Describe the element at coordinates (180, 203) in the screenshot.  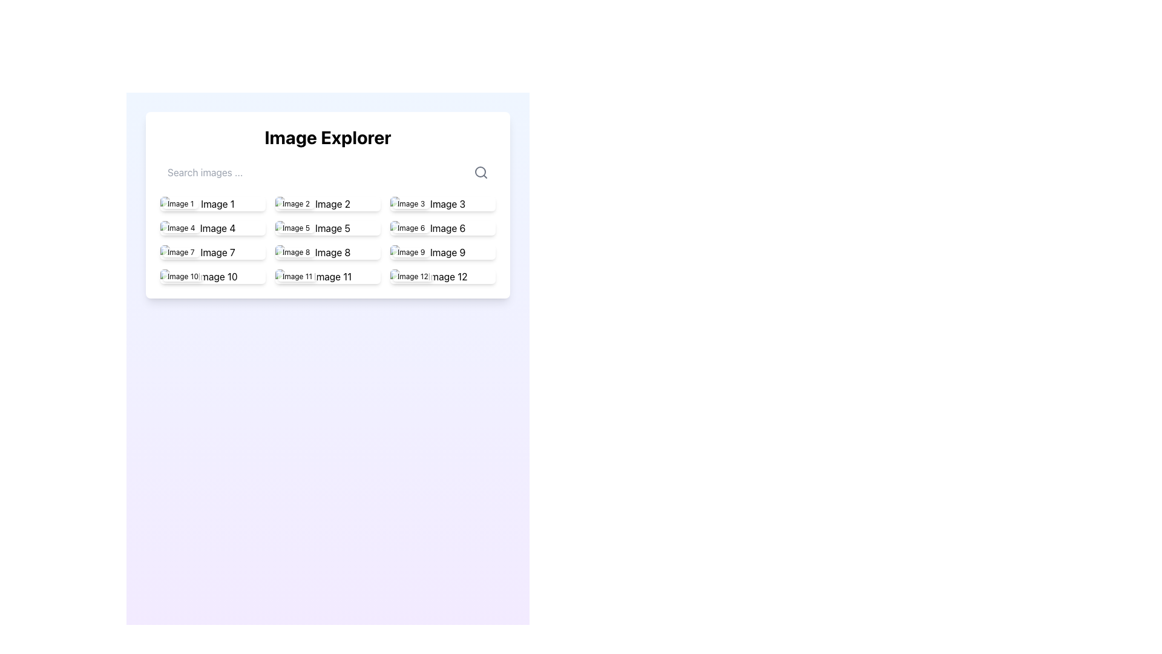
I see `the text label displaying 'Image 1' located at the bottom left of the first image card in the grid layout under the 'Image Explorer' heading` at that location.